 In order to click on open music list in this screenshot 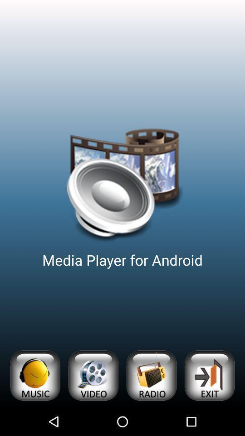, I will do `click(34, 376)`.